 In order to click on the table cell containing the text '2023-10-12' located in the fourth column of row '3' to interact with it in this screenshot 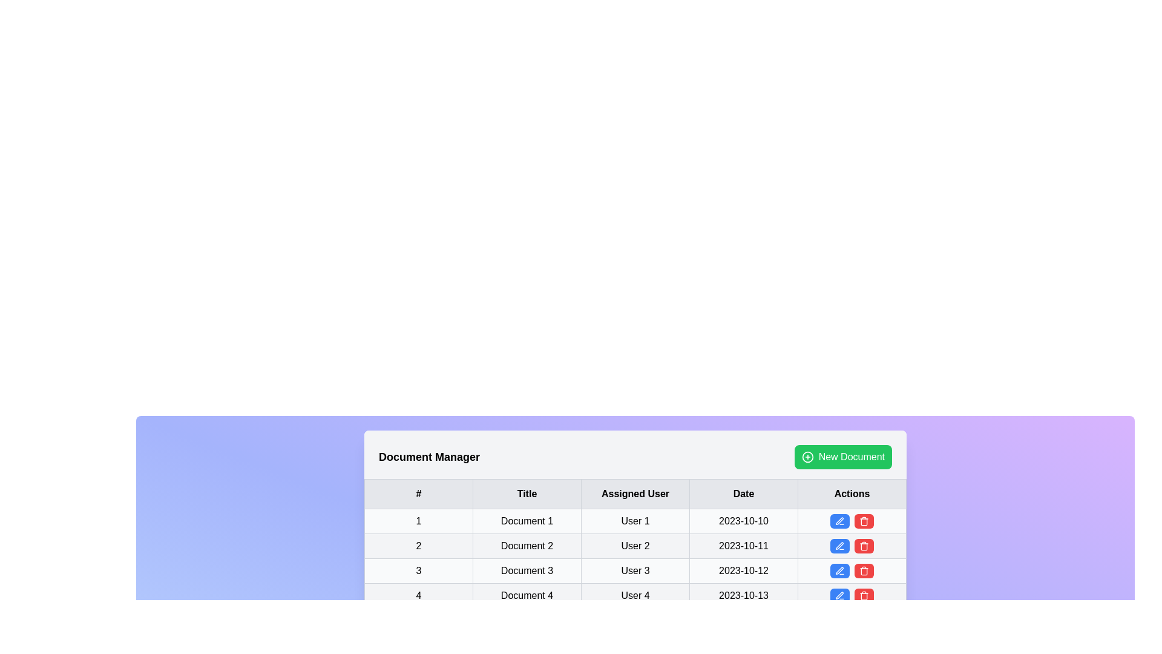, I will do `click(743, 570)`.